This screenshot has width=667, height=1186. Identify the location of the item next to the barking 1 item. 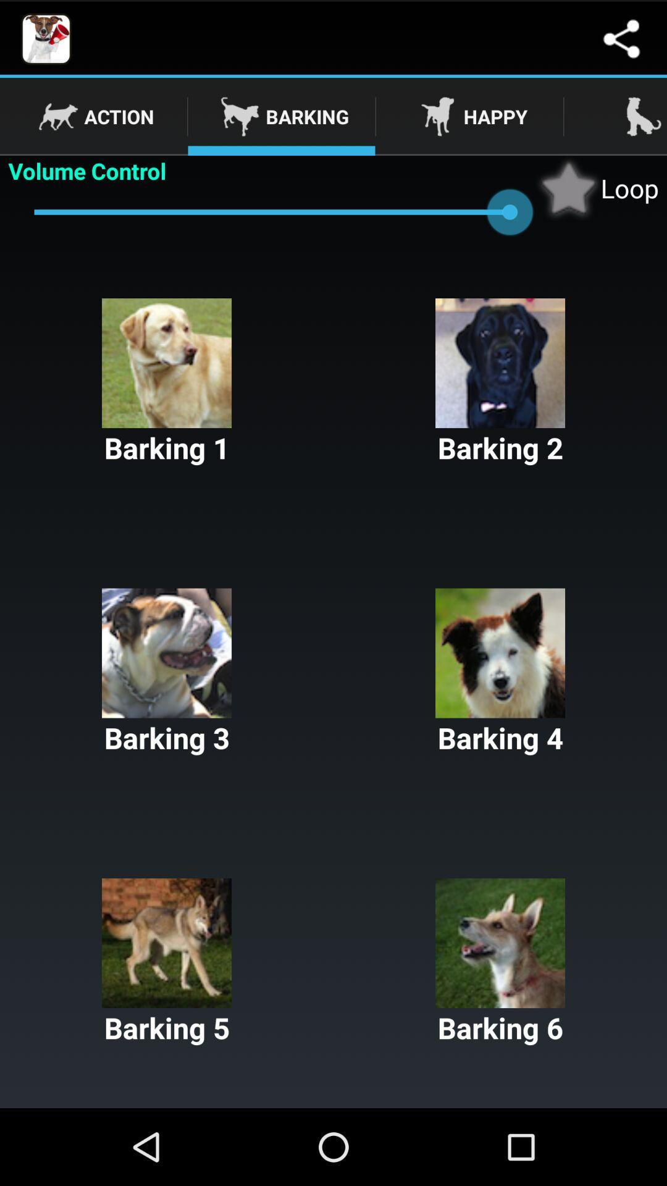
(500, 382).